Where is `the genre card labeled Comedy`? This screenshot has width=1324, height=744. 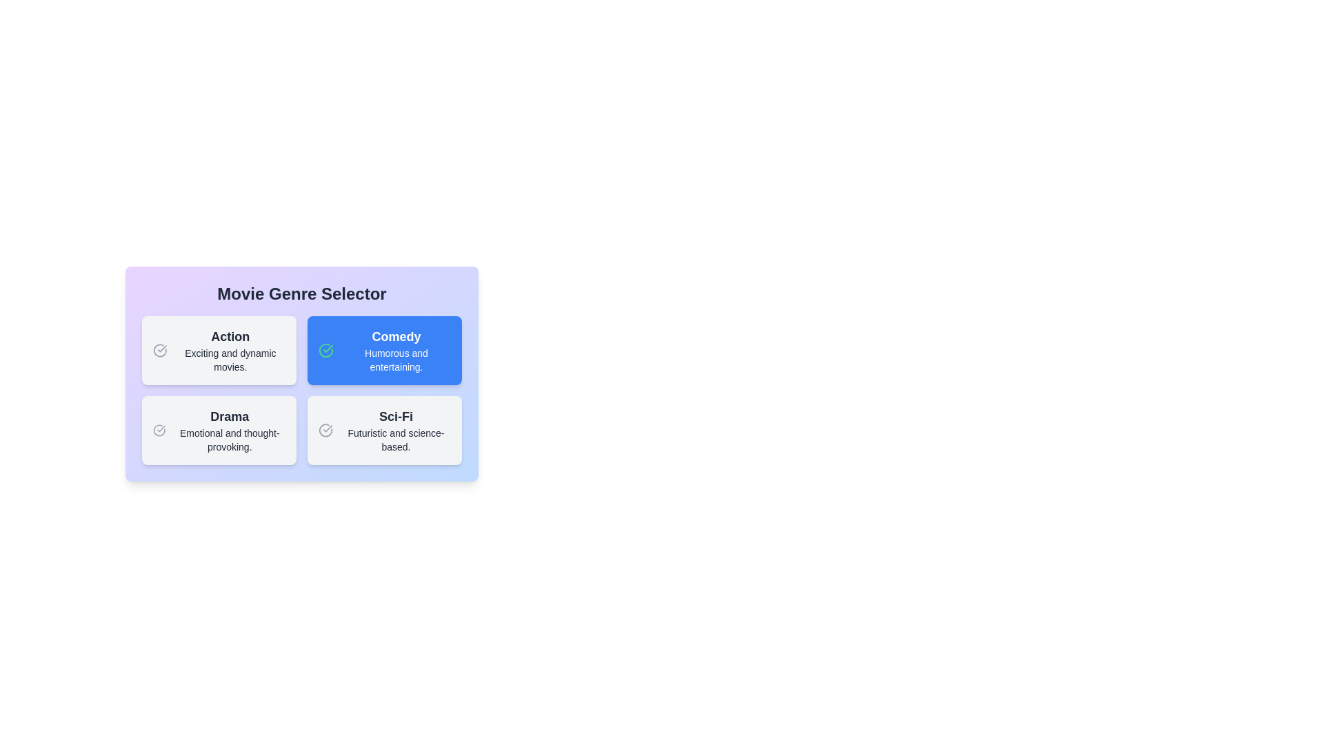
the genre card labeled Comedy is located at coordinates (384, 350).